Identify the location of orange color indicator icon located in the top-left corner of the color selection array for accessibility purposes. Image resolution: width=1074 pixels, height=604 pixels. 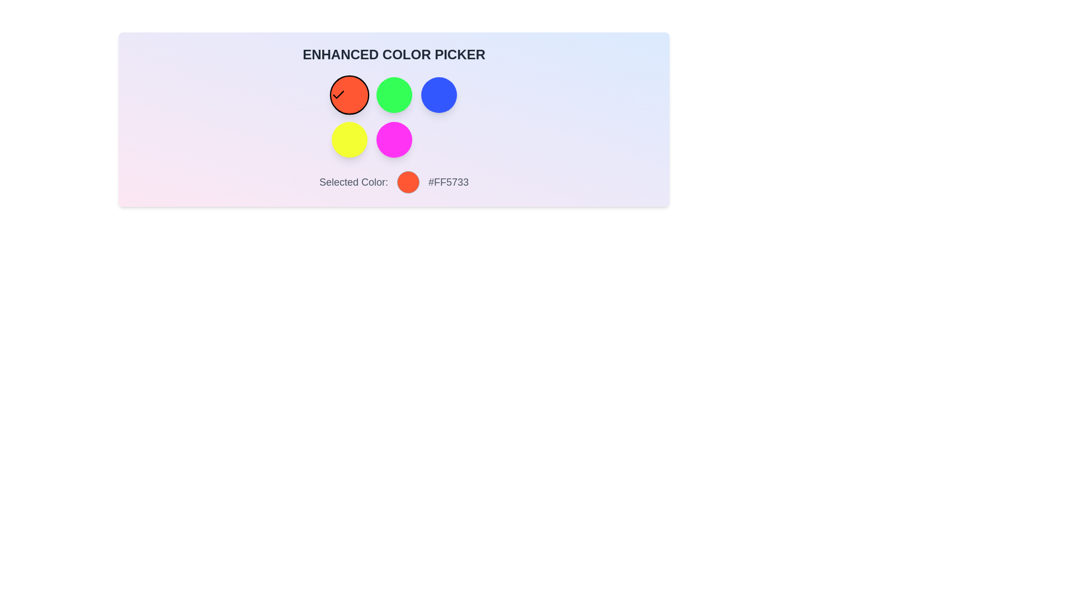
(337, 94).